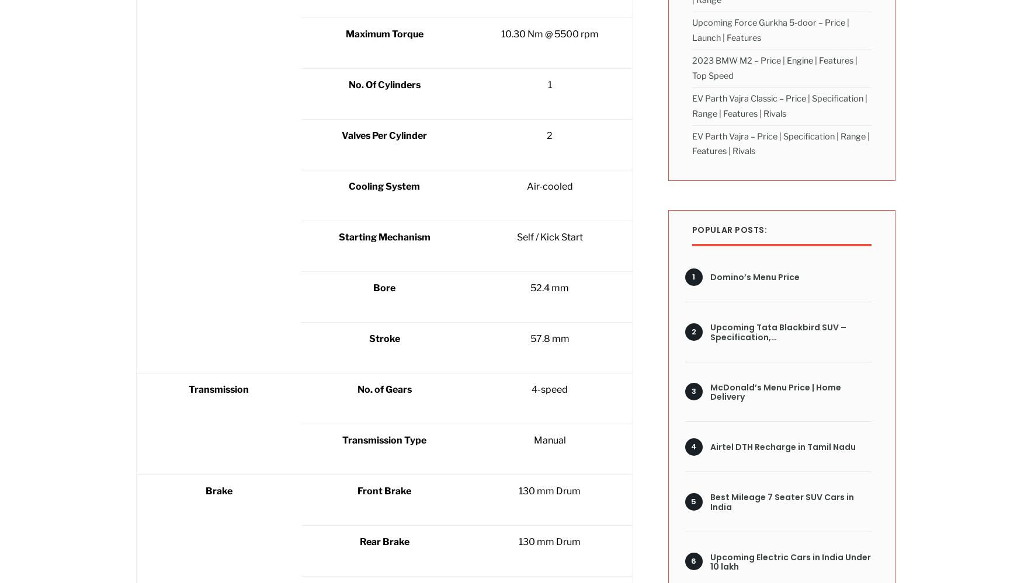  I want to click on 'Front Brake', so click(383, 490).